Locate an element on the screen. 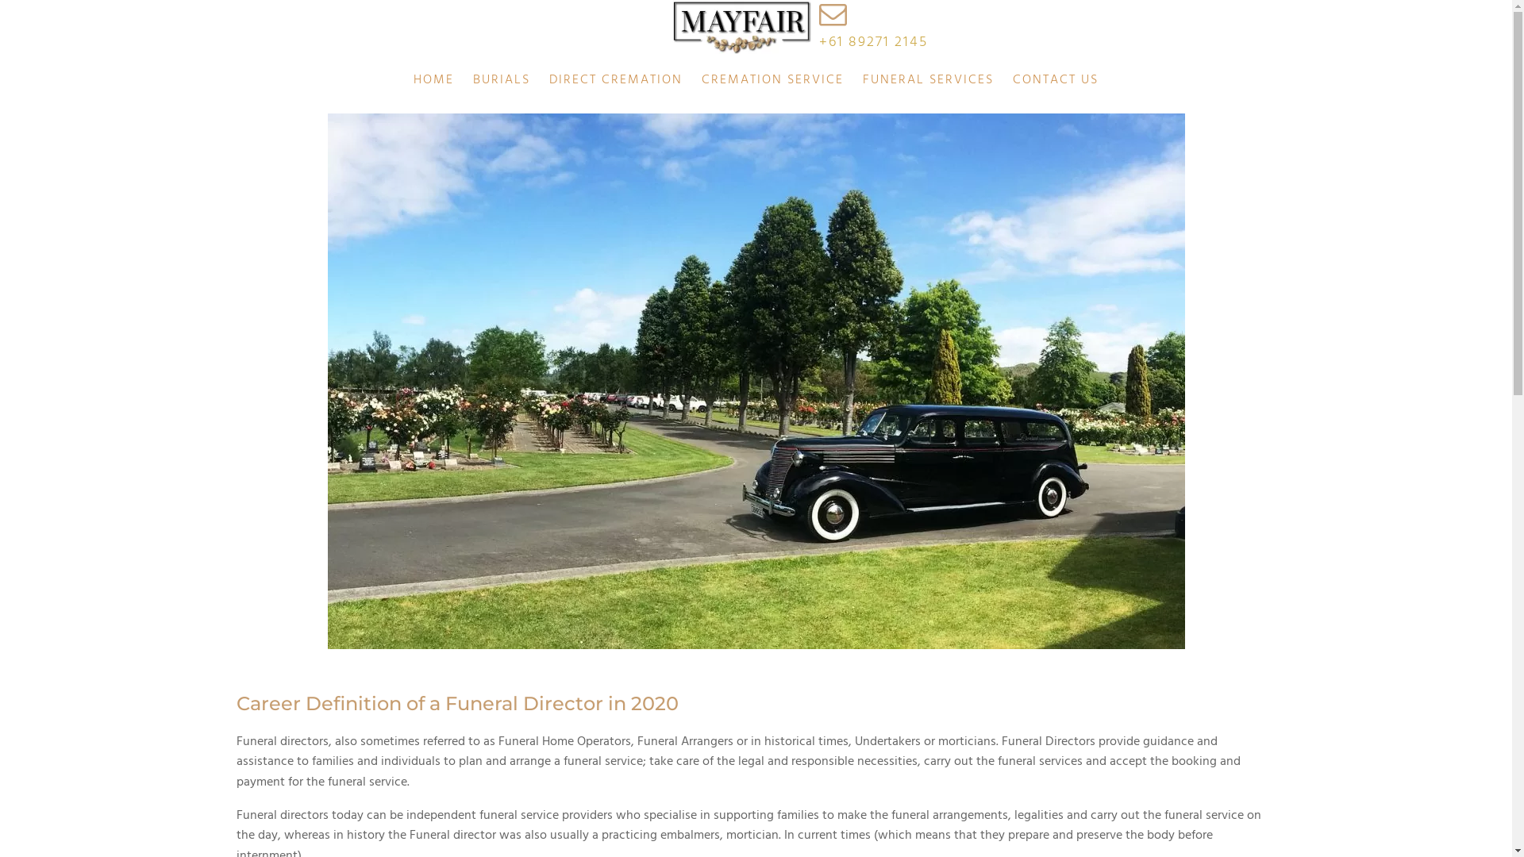 Image resolution: width=1524 pixels, height=857 pixels. 'CONTACT US' is located at coordinates (1002, 80).